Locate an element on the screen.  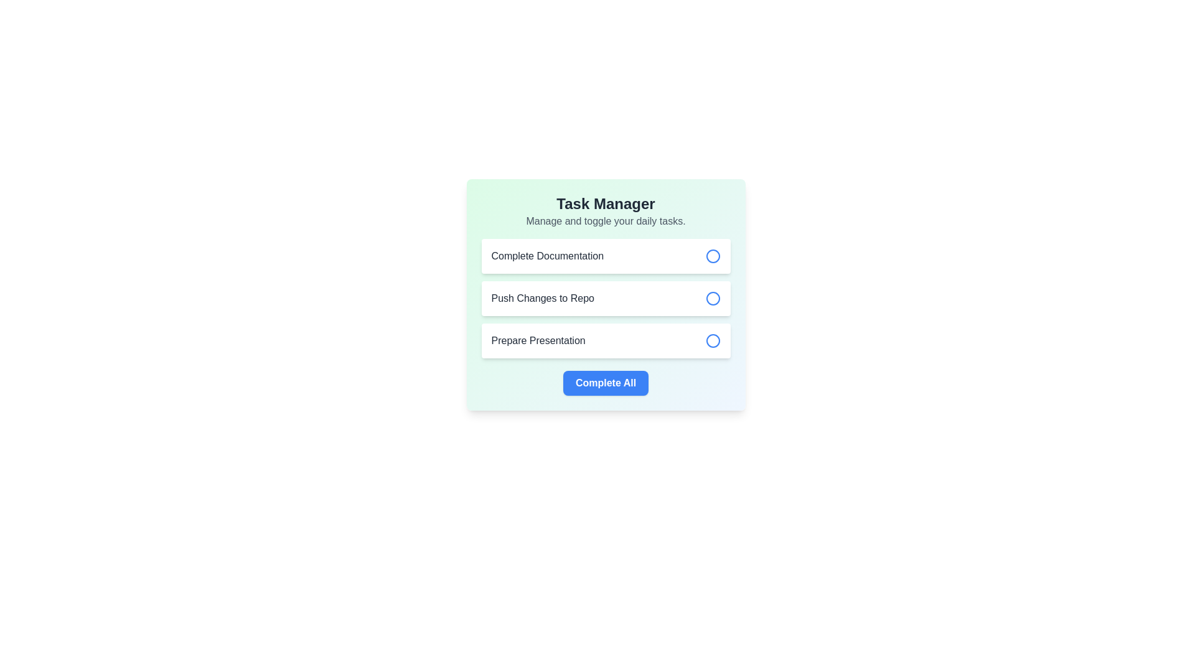
the button located at the bottom center of the 'Task Manager' panel to initiate the designated action for completing all tasks listed above is located at coordinates (606, 383).